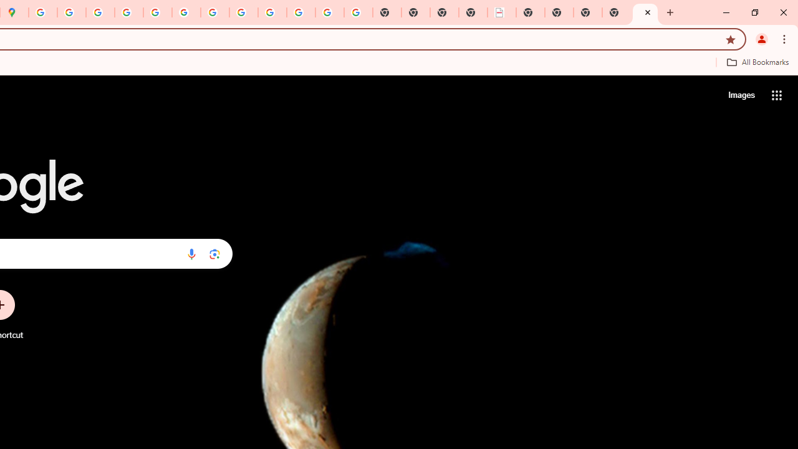 The width and height of the screenshot is (798, 449). What do you see at coordinates (129, 12) in the screenshot?
I see `'Privacy Help Center - Policies Help'` at bounding box center [129, 12].